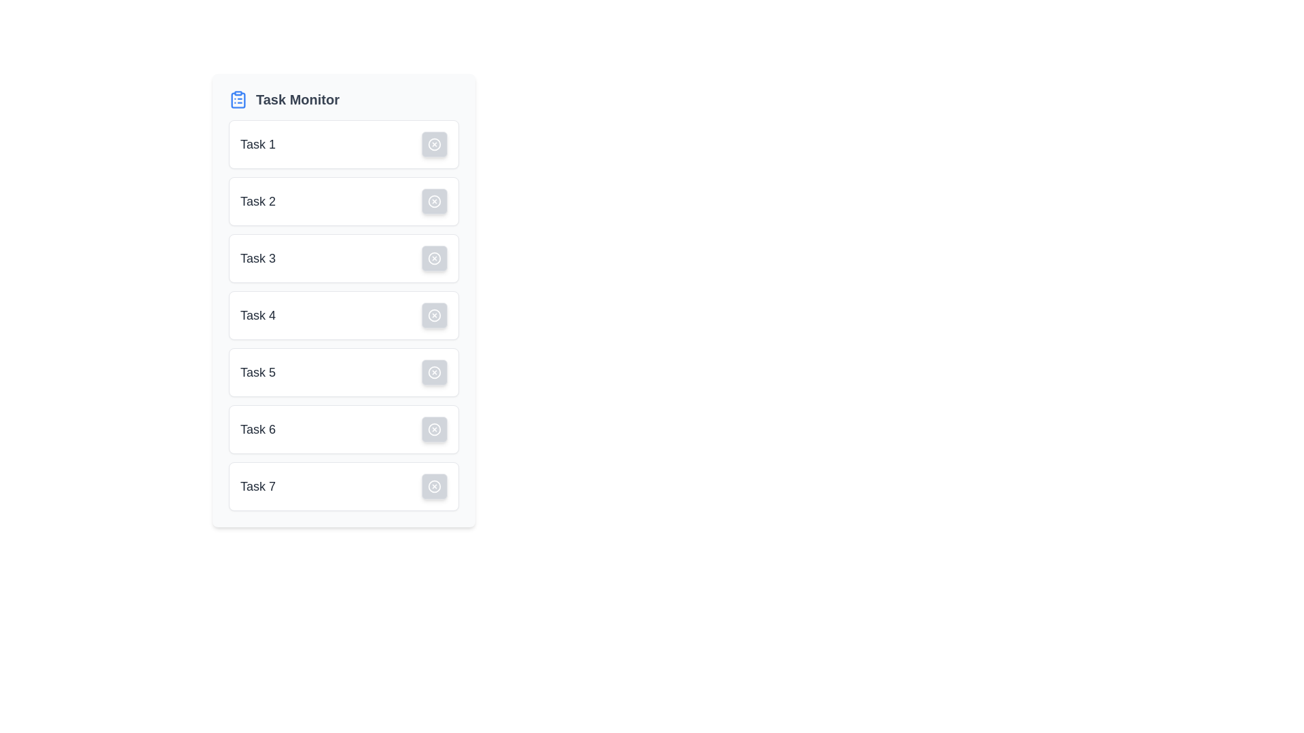  What do you see at coordinates (344, 316) in the screenshot?
I see `task description displayed in the List item labeled 'Task 4', which is the fourth item in a vertical list of tasks` at bounding box center [344, 316].